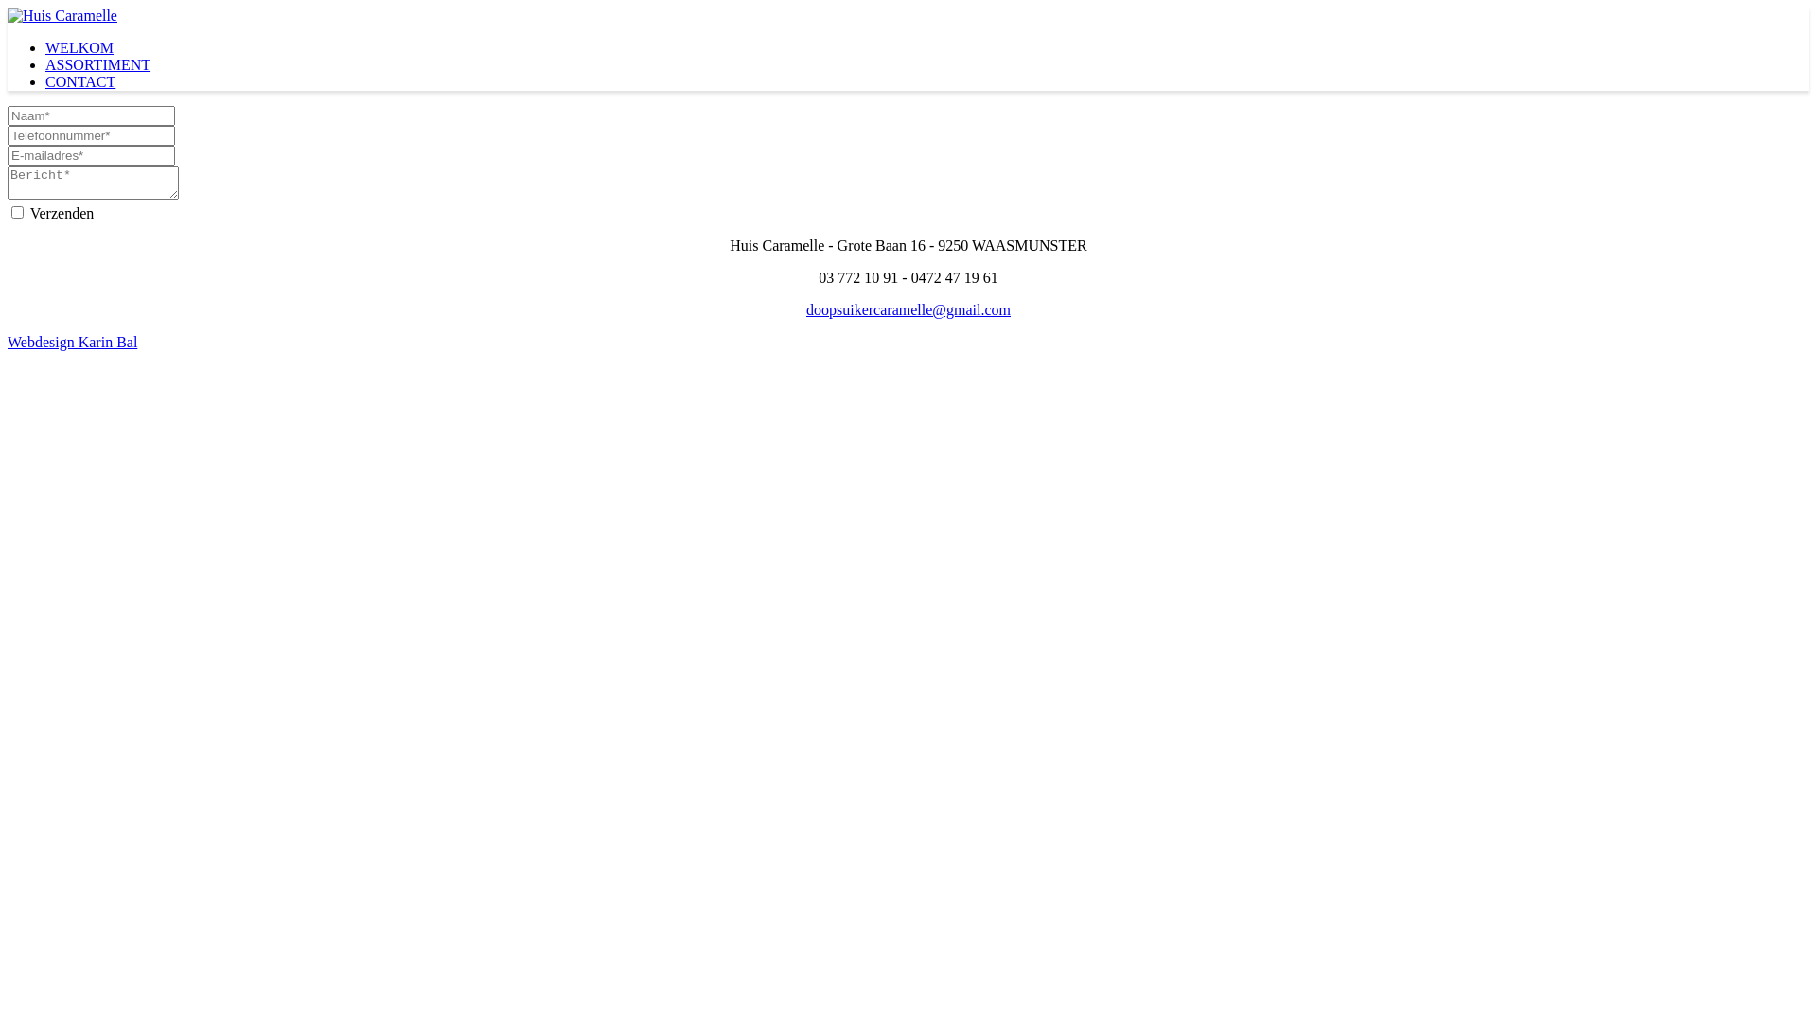 The height and width of the screenshot is (1022, 1817). I want to click on 'doopsuikercaramelle@gmail.com', so click(908, 308).